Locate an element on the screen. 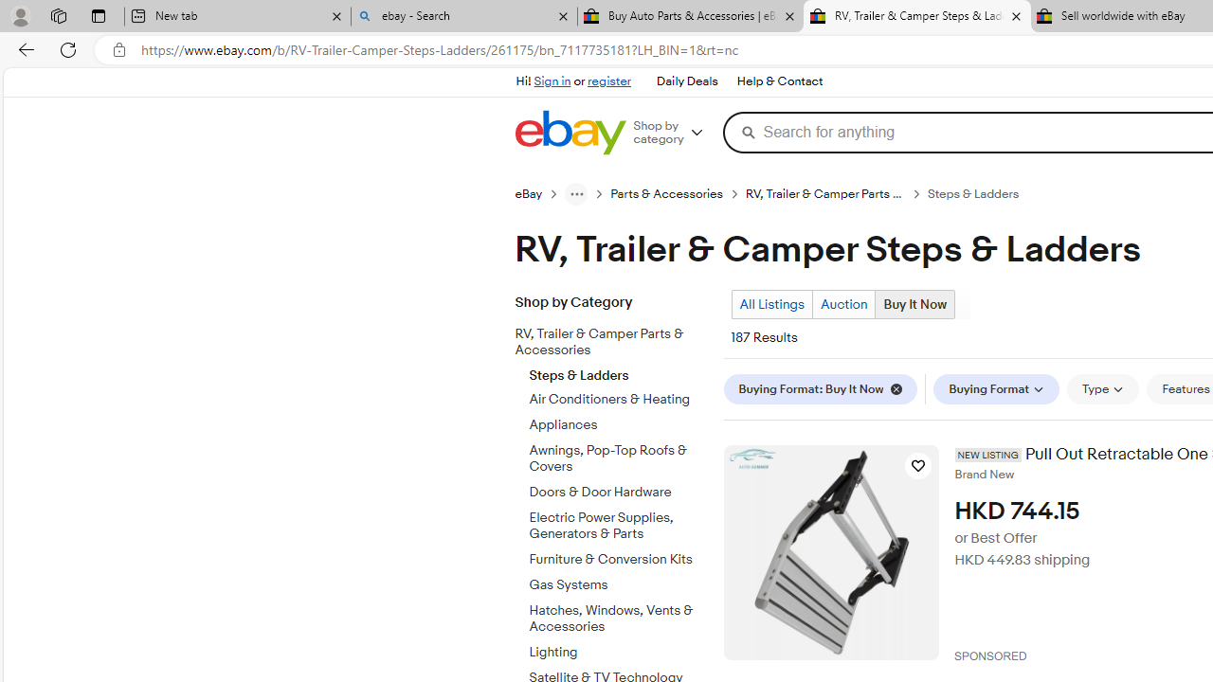 The height and width of the screenshot is (682, 1213). 'RV, Trailer & Camper Steps & Ladders for sale | eBay' is located at coordinates (916, 16).